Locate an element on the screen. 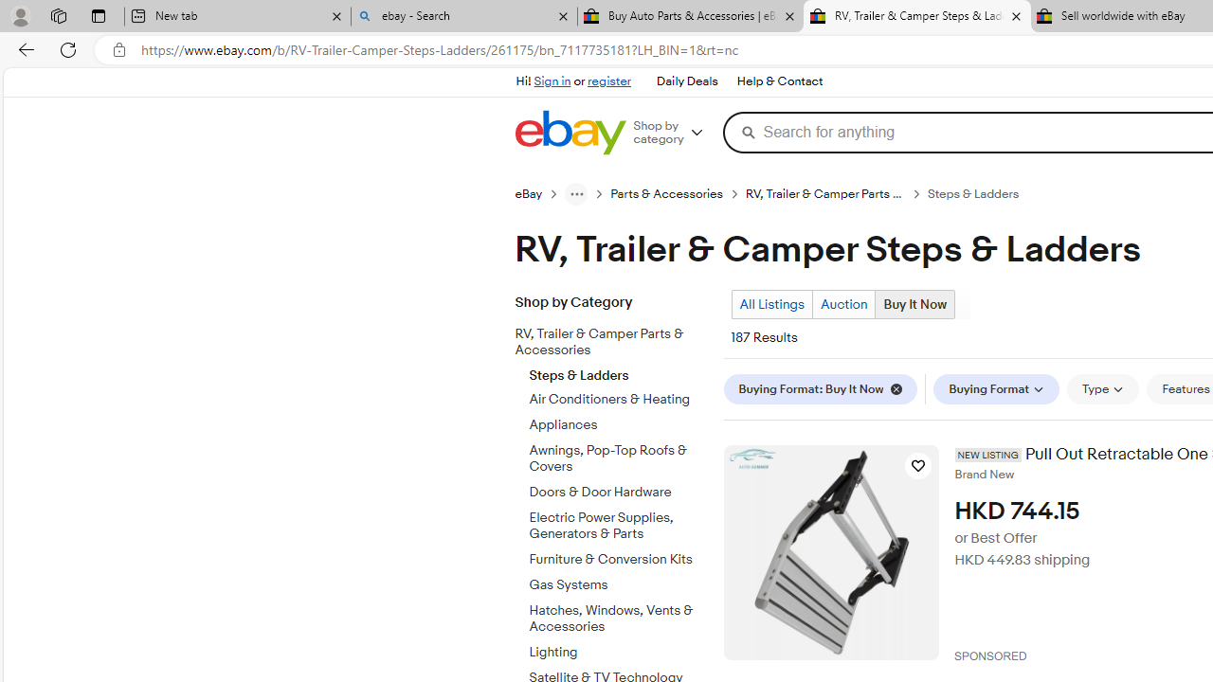 The height and width of the screenshot is (682, 1213). 'RV, Trailer & Camper Steps & Ladders for sale | eBay' is located at coordinates (916, 16).